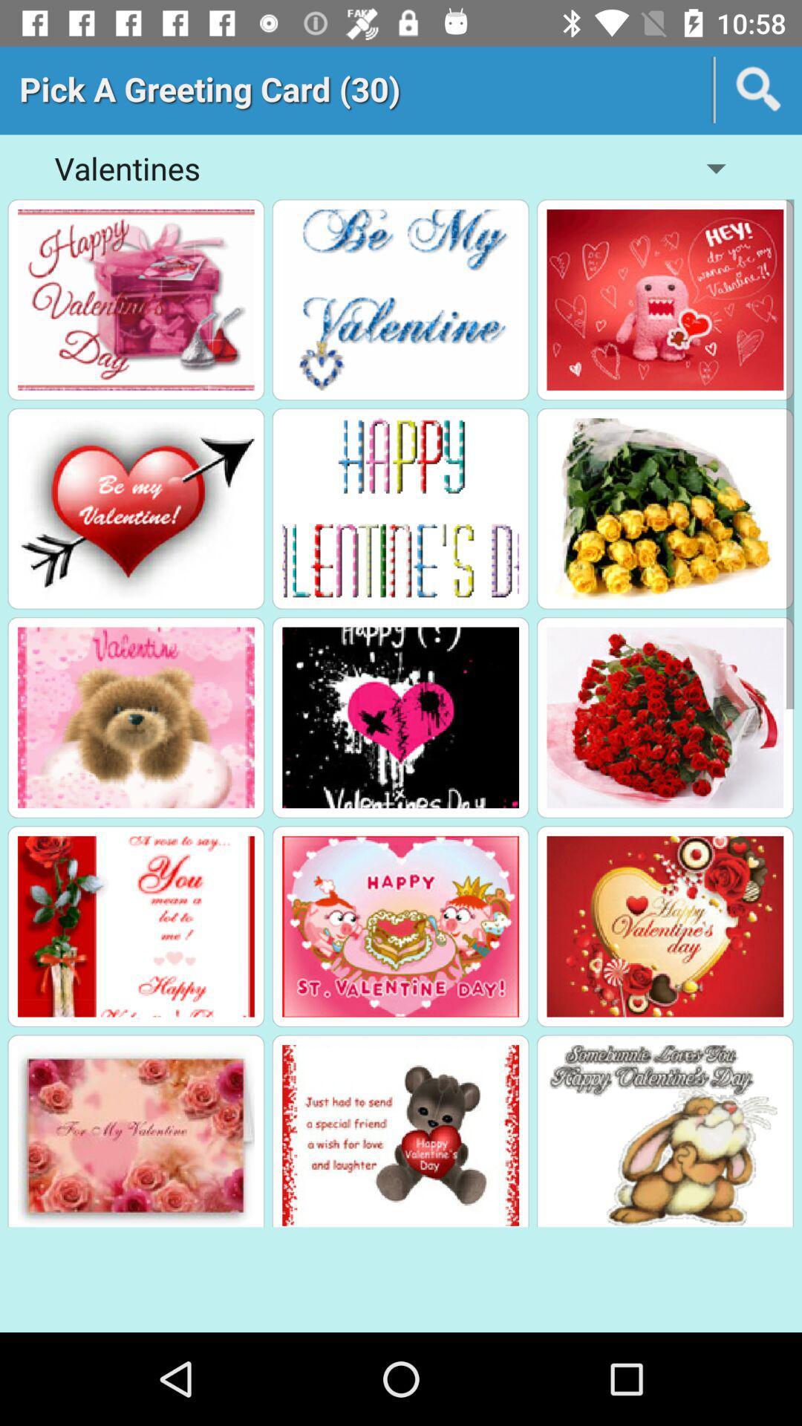 The width and height of the screenshot is (802, 1426). What do you see at coordinates (136, 717) in the screenshot?
I see `the card` at bounding box center [136, 717].